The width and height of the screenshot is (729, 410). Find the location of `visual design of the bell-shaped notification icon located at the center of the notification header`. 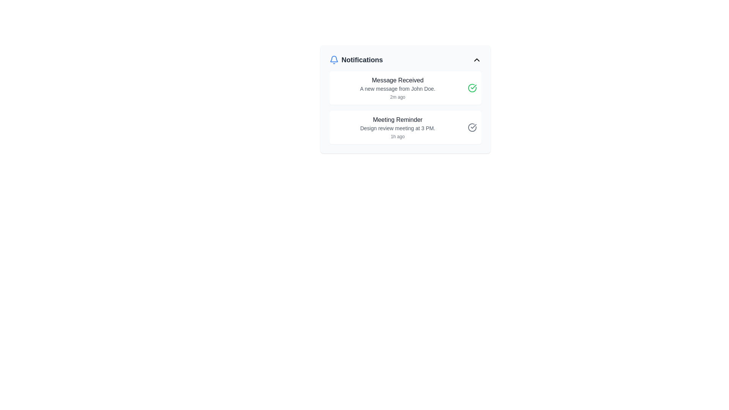

visual design of the bell-shaped notification icon located at the center of the notification header is located at coordinates (334, 58).